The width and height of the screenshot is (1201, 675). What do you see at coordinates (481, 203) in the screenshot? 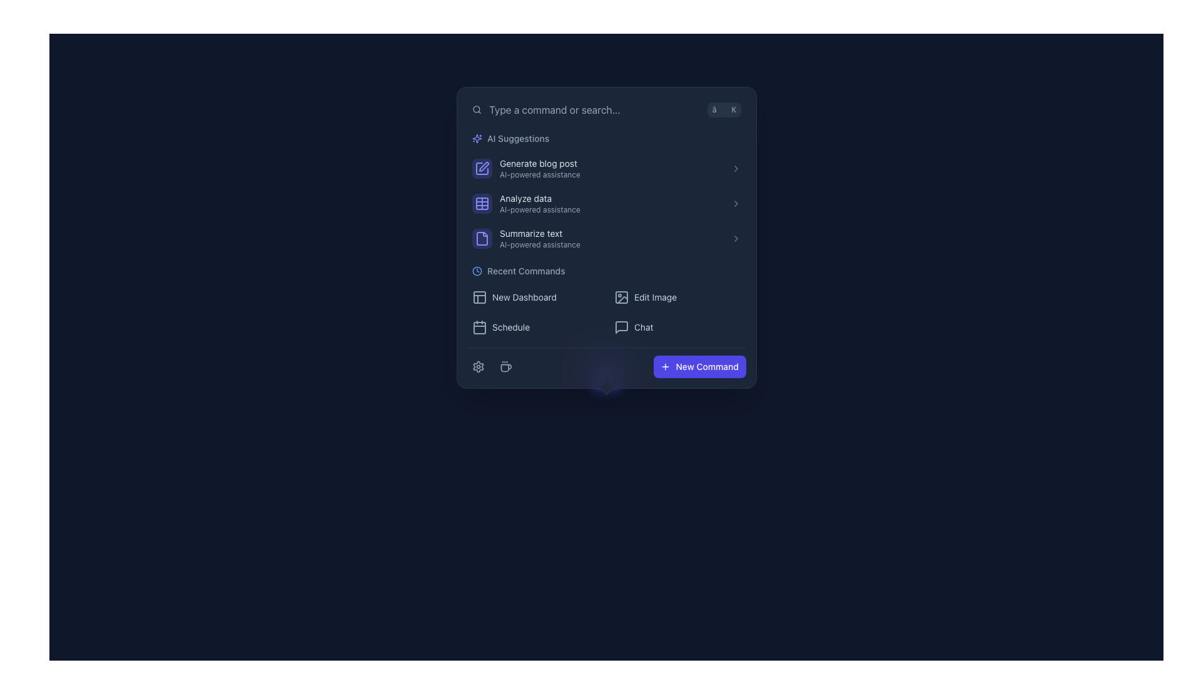
I see `the Icon placeholder or decorative rectangle located in the top-left corner of the grid layout, which is below the horizontal divider line and to the left of the center vertical line` at bounding box center [481, 203].